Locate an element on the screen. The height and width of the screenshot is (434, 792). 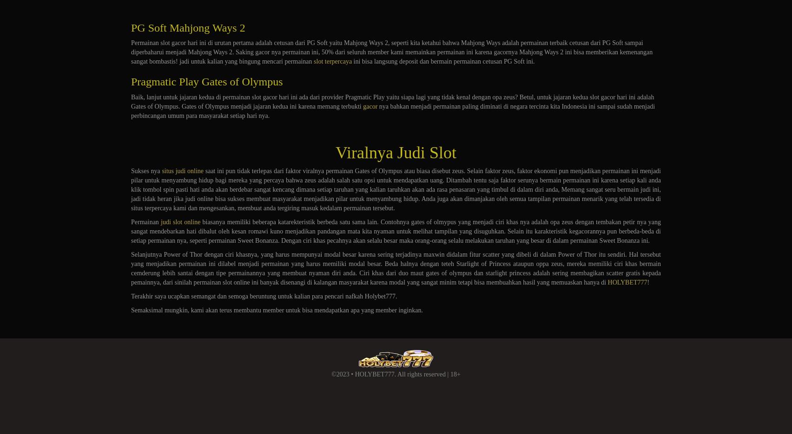
'Pragmatic Play Gates of Olympus' is located at coordinates (207, 81).